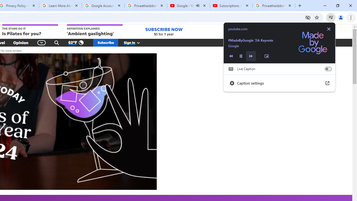  Describe the element at coordinates (188, 6) in the screenshot. I see `'Google - YouTube - Audio playing'` at that location.